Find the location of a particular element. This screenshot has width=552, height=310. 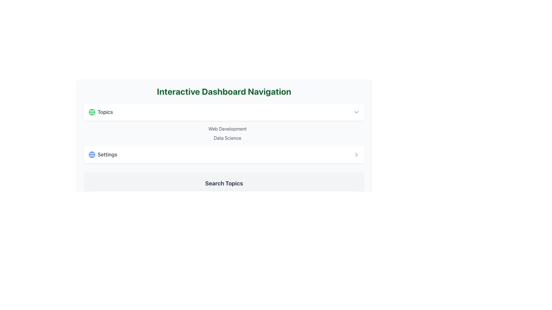

the 'Data Science' hyperlink located centrally under 'Web Development' in the 'Interactive Dashboard Navigation' is located at coordinates (227, 138).